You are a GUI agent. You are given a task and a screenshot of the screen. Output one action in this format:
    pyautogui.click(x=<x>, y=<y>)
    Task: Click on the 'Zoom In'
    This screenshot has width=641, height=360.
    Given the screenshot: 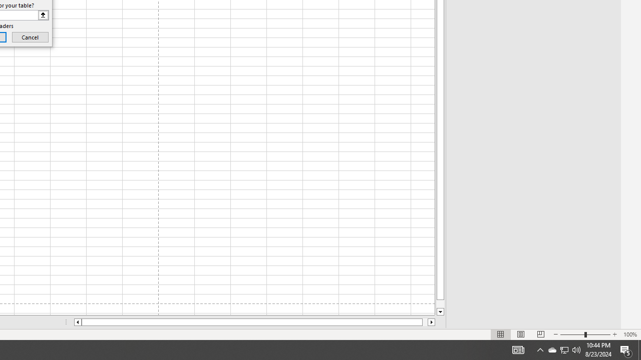 What is the action you would take?
    pyautogui.click(x=614, y=334)
    